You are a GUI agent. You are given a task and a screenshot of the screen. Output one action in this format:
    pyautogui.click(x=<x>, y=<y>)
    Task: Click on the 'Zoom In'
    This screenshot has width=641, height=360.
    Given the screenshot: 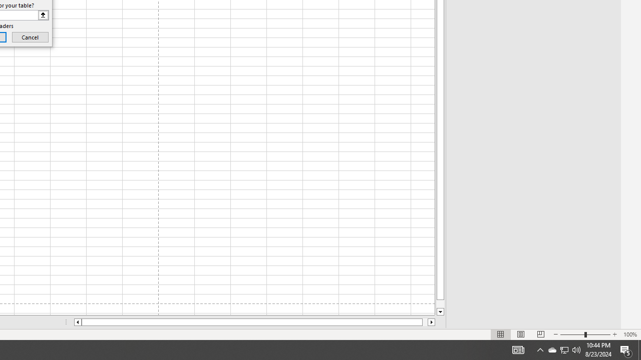 What is the action you would take?
    pyautogui.click(x=614, y=334)
    